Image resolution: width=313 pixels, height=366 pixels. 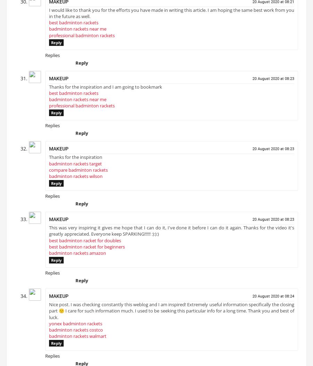 What do you see at coordinates (78, 172) in the screenshot?
I see `'compare badminton rackets'` at bounding box center [78, 172].